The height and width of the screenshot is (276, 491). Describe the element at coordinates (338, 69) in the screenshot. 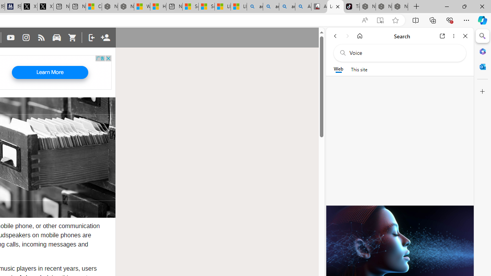

I see `'Web scope'` at that location.